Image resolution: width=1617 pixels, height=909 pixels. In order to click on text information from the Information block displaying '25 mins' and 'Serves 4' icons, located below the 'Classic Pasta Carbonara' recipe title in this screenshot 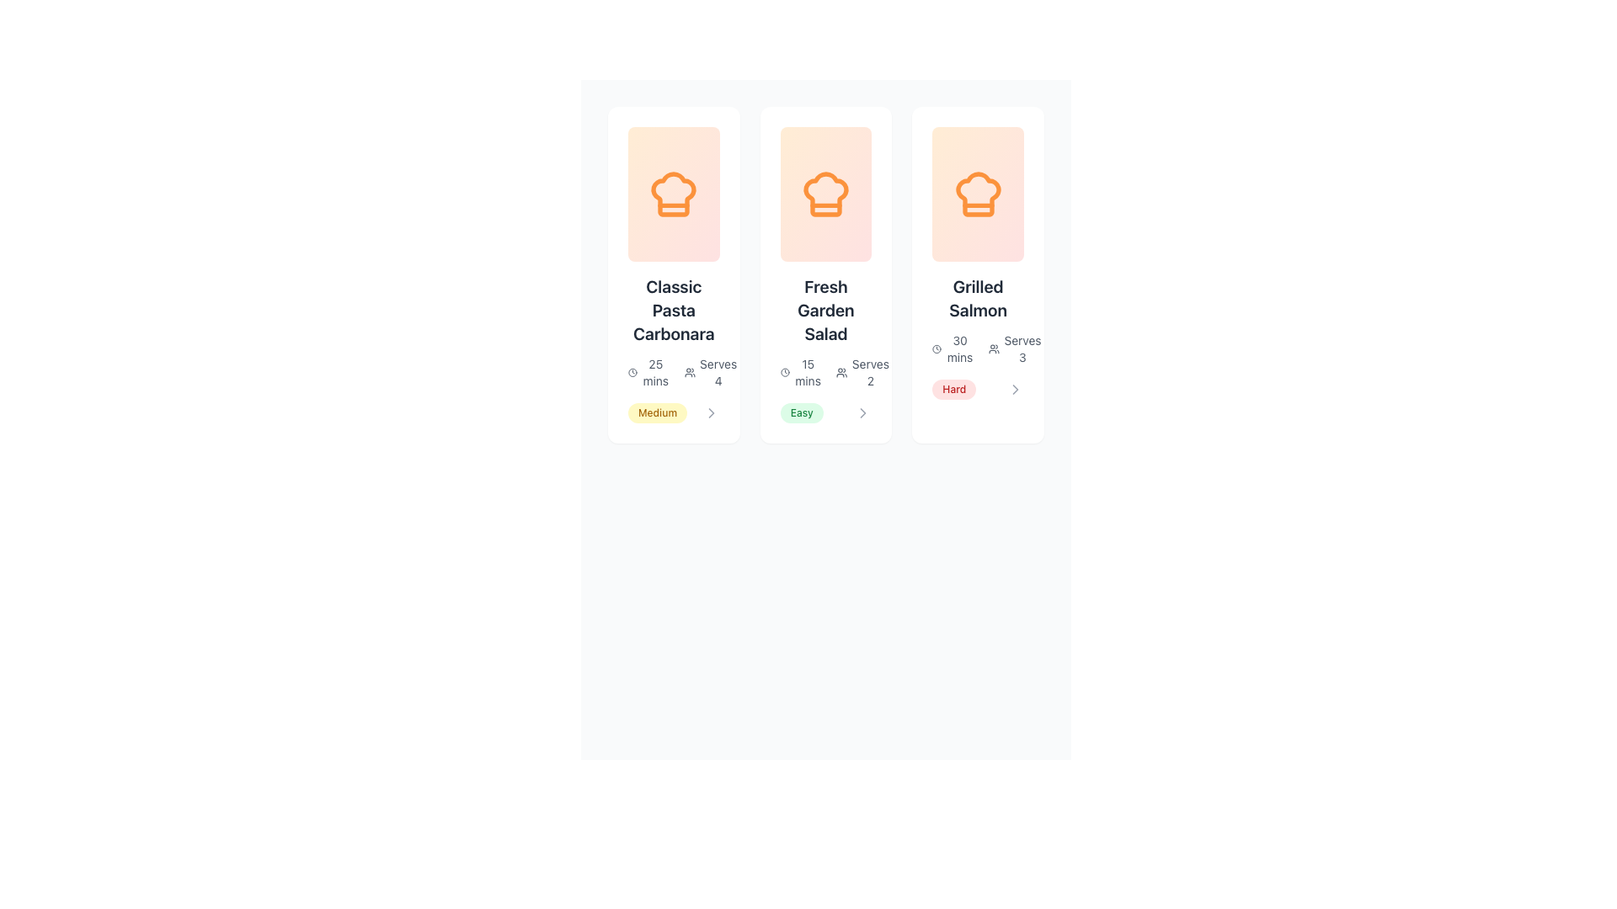, I will do `click(674, 372)`.